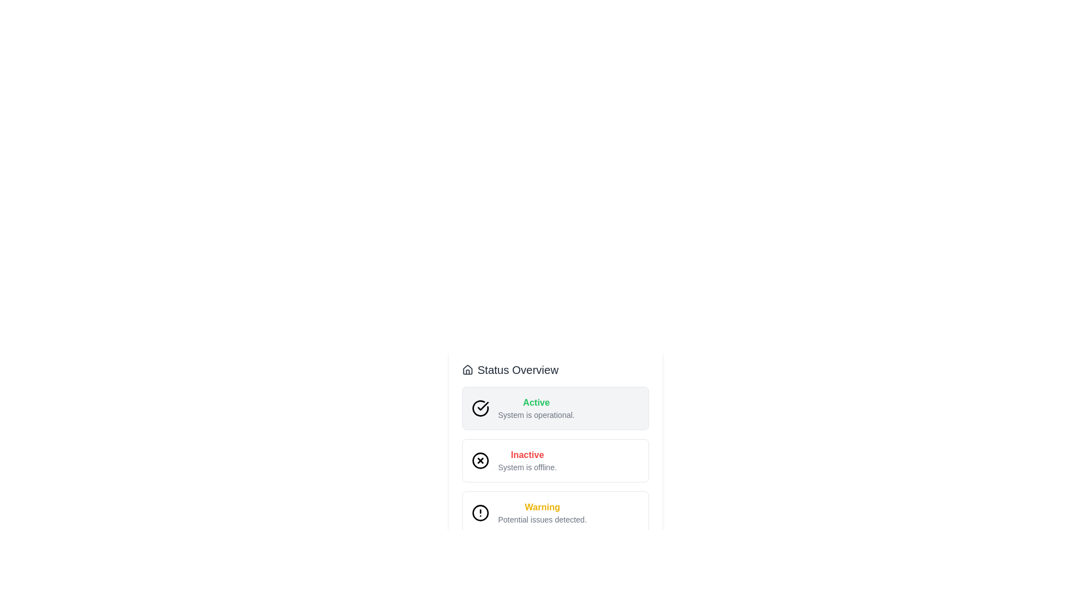  What do you see at coordinates (480, 513) in the screenshot?
I see `the circular warning icon with a thin black outline and an exclamation mark inside, located adjacent to the left of the text block labeled 'Warning Potential issues detected.'` at bounding box center [480, 513].